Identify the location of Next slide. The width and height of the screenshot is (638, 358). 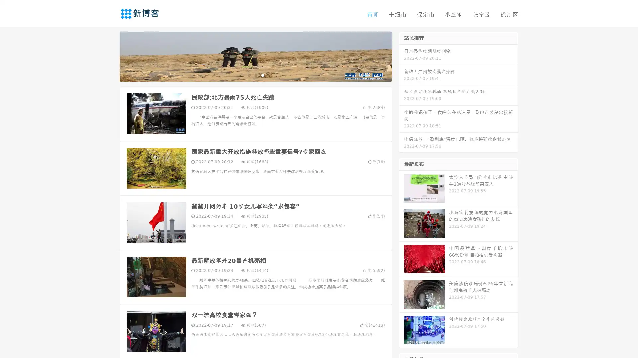
(401, 56).